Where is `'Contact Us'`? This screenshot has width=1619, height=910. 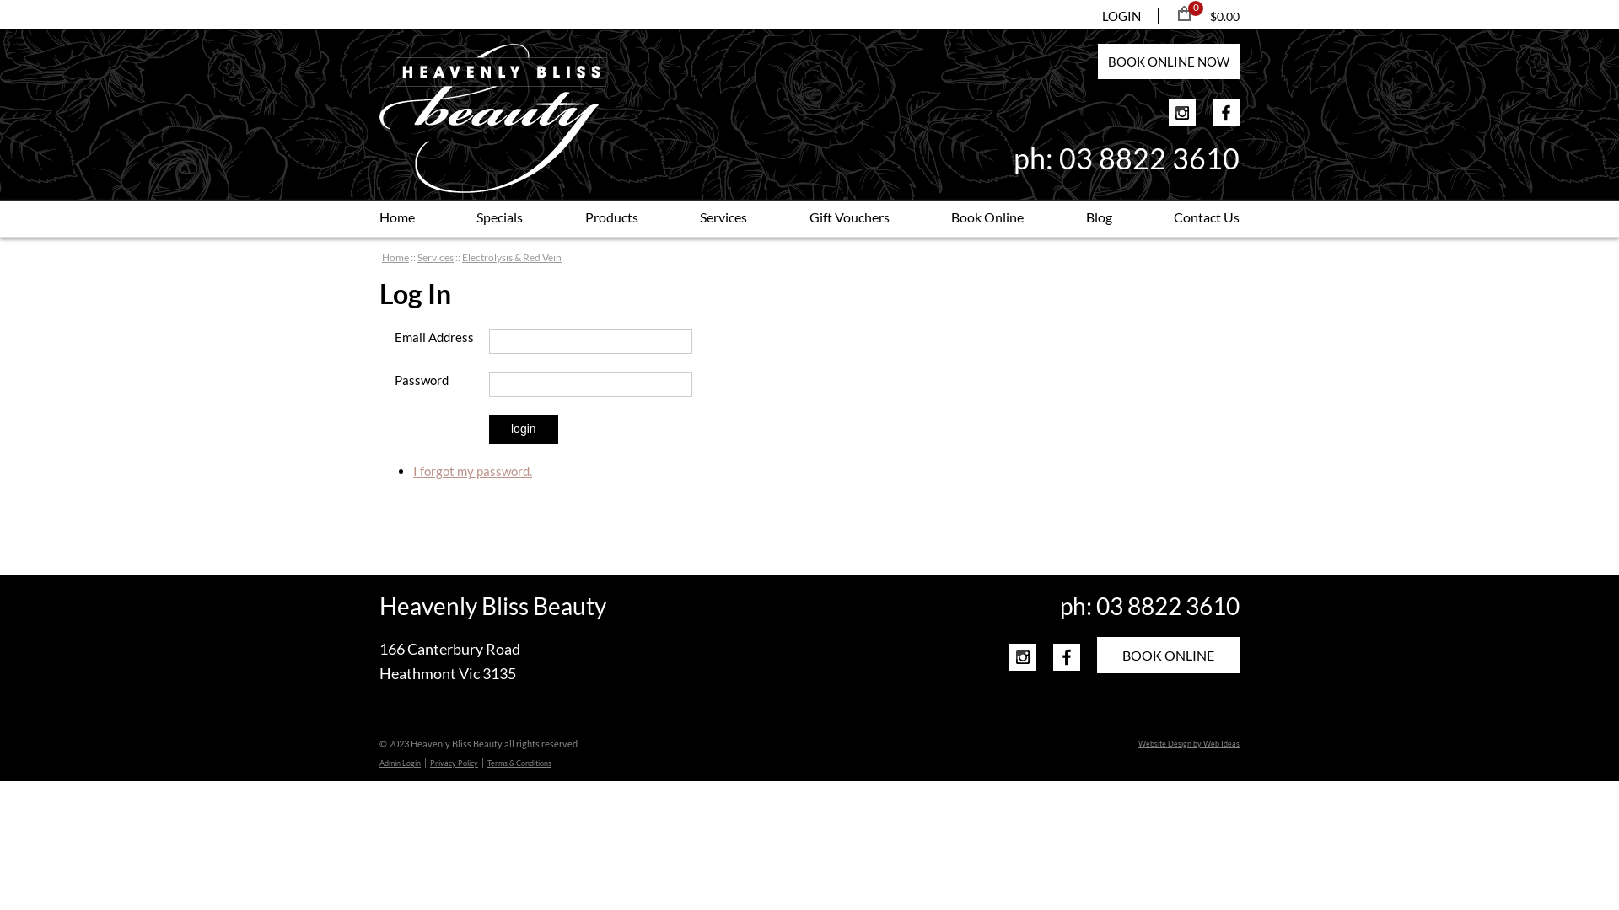
'Contact Us' is located at coordinates (1205, 217).